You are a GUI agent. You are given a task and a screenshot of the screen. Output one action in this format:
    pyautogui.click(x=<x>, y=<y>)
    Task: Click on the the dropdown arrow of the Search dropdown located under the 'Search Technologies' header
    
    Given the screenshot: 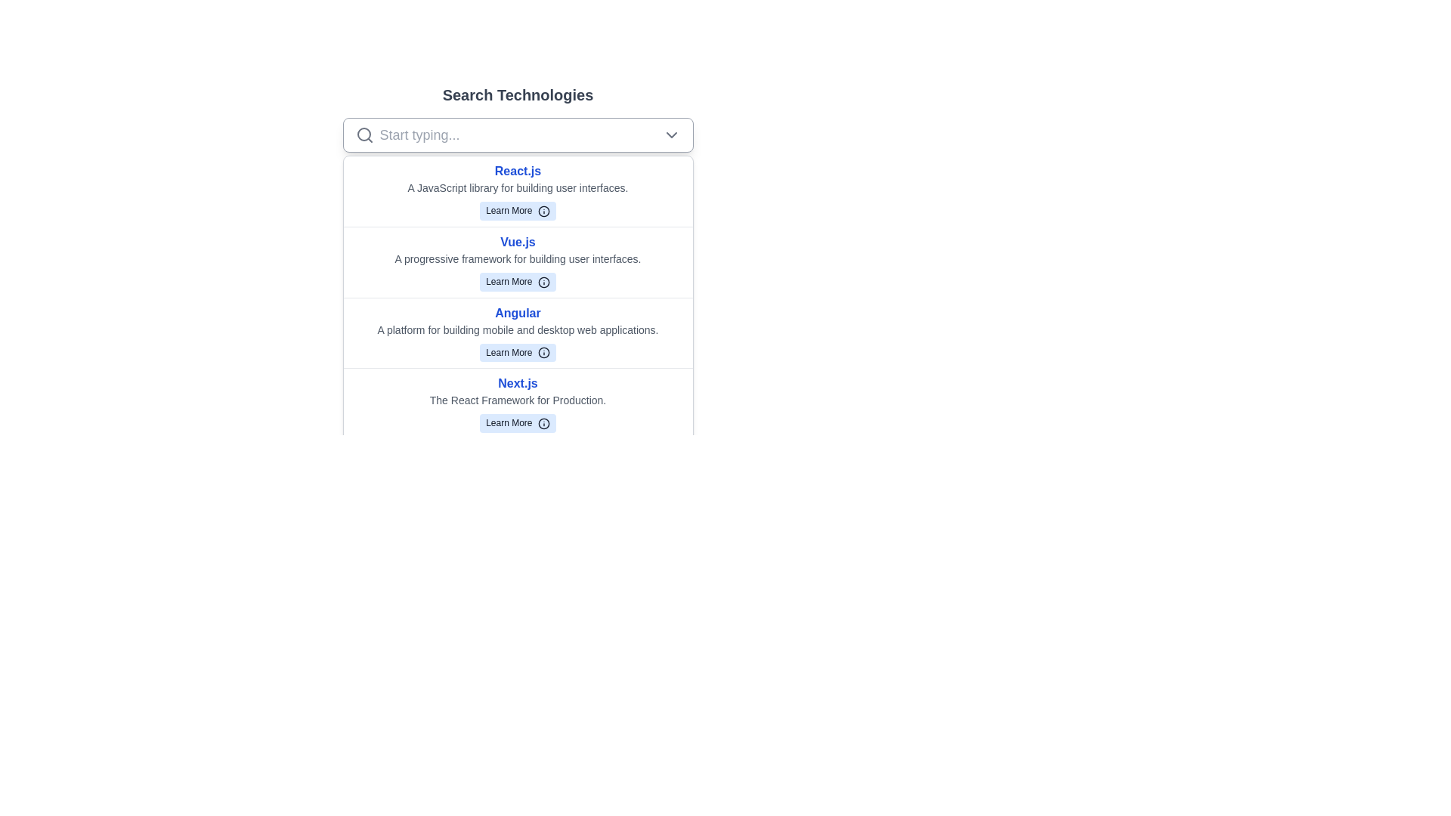 What is the action you would take?
    pyautogui.click(x=518, y=118)
    